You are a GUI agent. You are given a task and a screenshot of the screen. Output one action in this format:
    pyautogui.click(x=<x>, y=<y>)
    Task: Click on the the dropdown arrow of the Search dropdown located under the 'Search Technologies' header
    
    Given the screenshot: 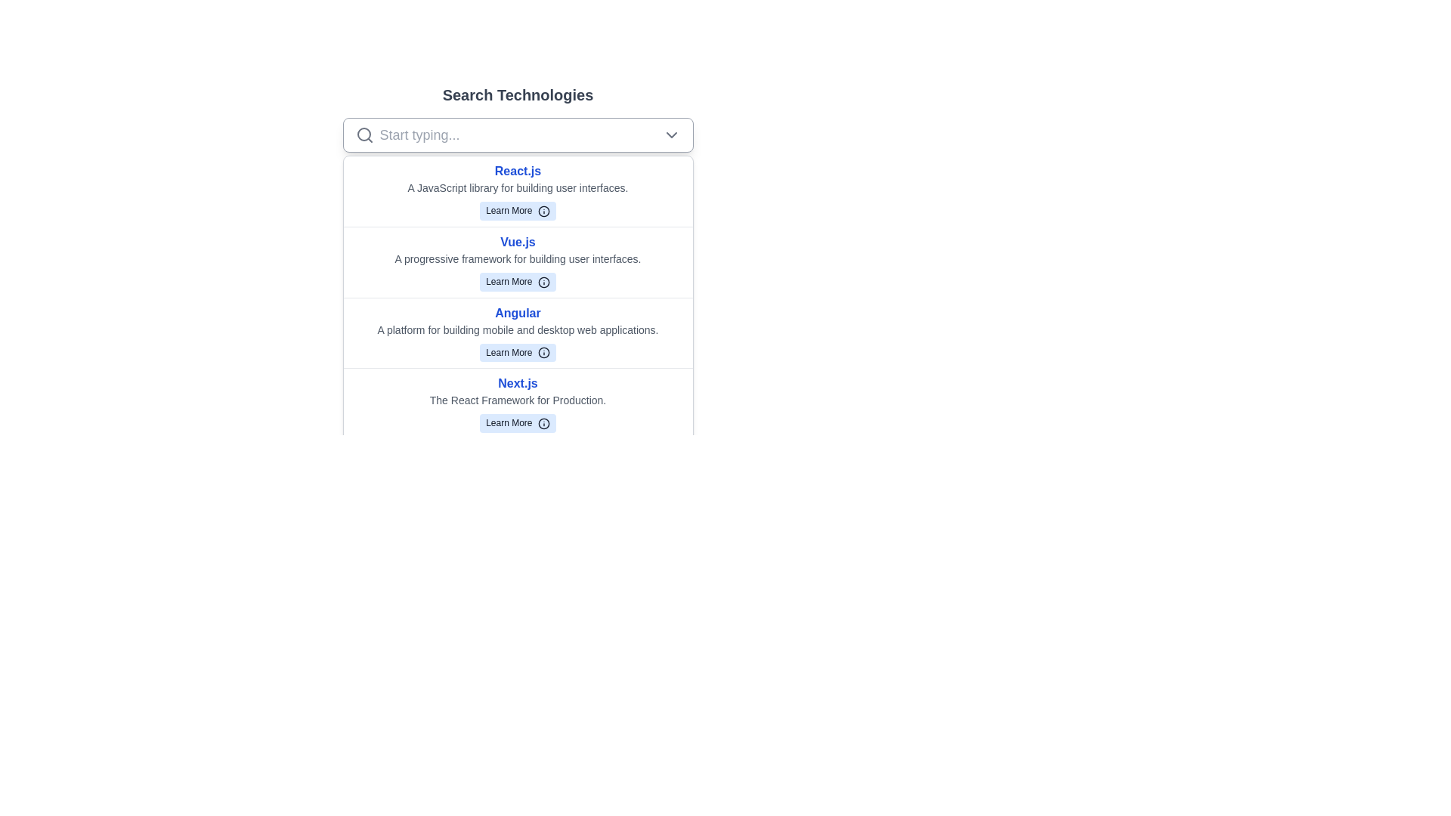 What is the action you would take?
    pyautogui.click(x=518, y=118)
    